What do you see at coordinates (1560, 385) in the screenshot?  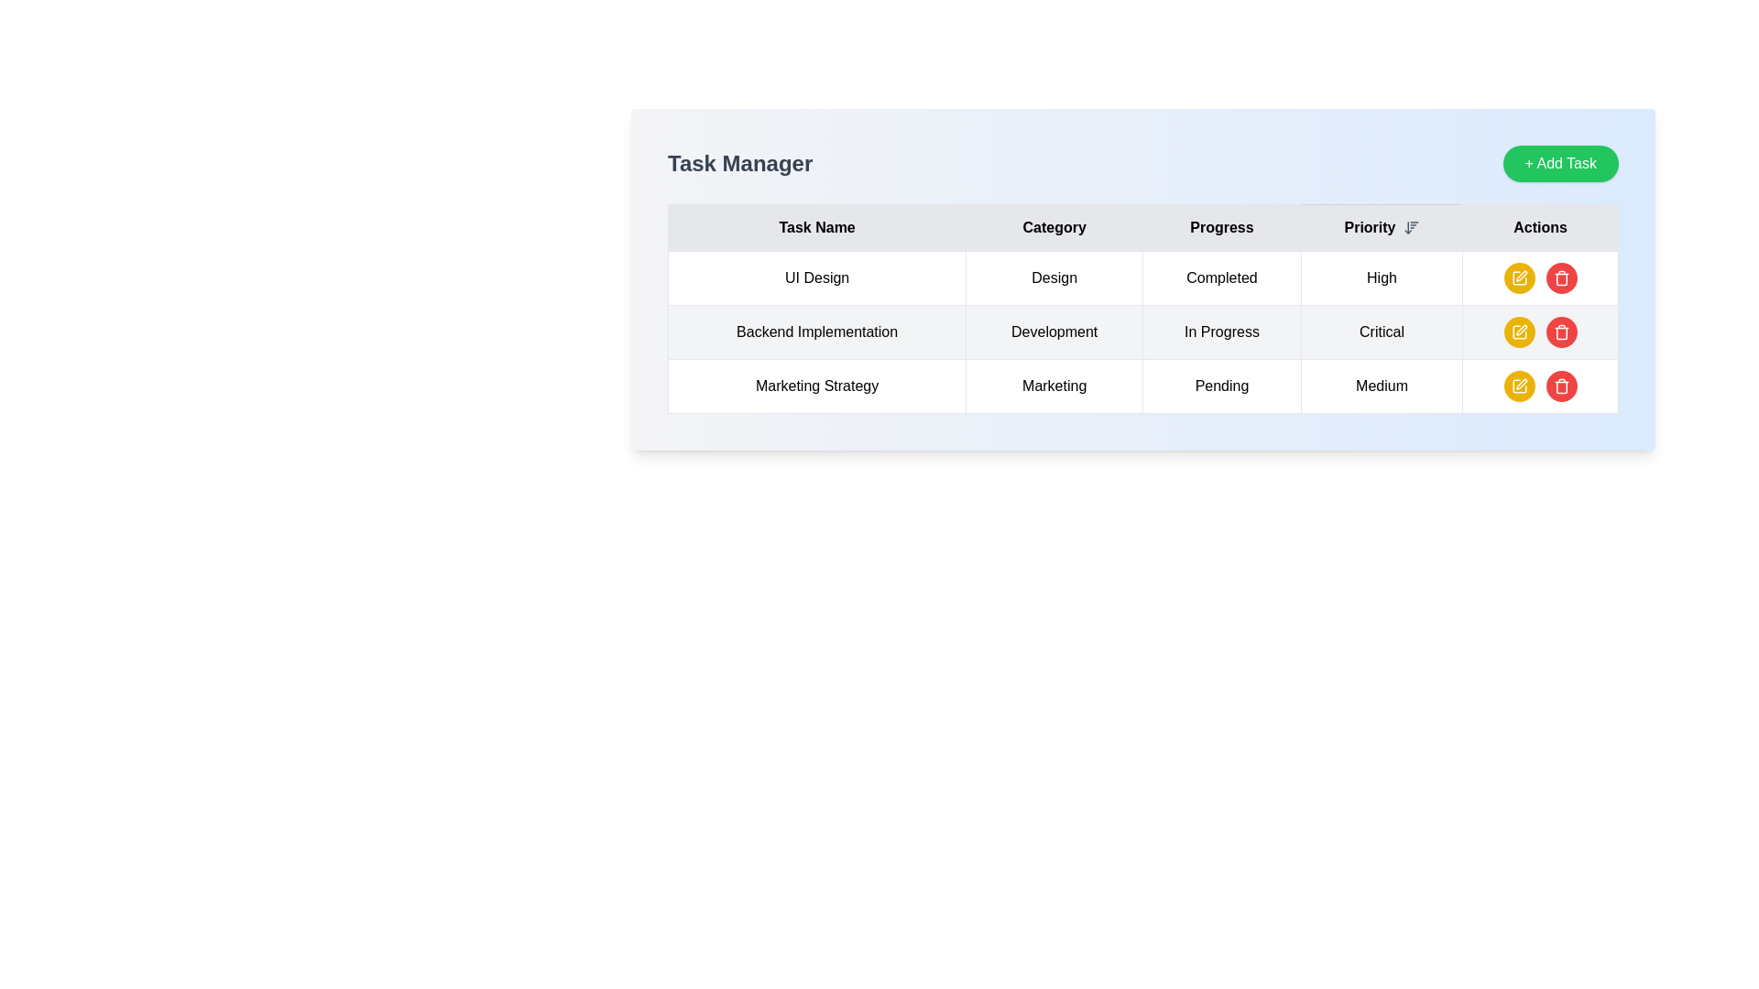 I see `the delete button located in the 'Actions' column of the last row in the table, which is the third button in the group of action buttons` at bounding box center [1560, 385].